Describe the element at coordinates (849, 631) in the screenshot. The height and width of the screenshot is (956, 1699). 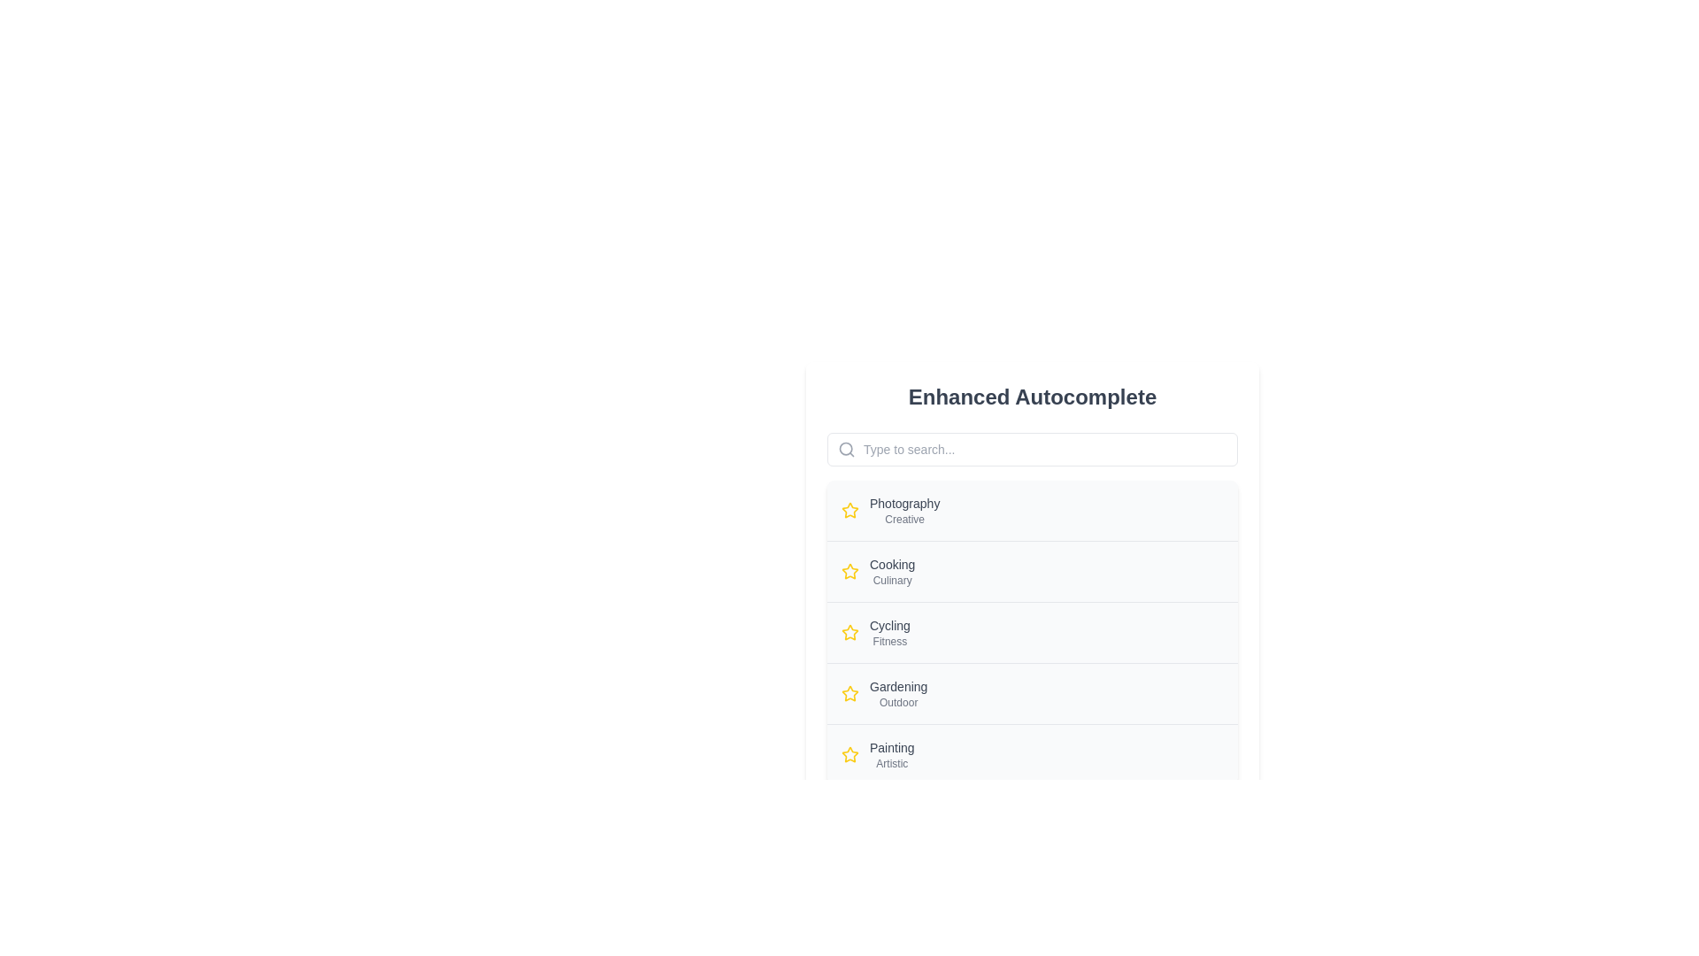
I see `the star-shaped icon with a yellow fill and thin outlines, located to the left of the text 'Cycling' in the third option of a vertically arranged list of categories to potentially select or highlight it` at that location.